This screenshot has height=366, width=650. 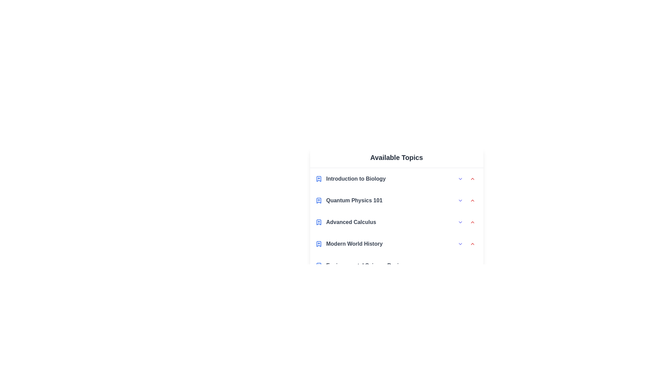 I want to click on the expand arrow for the topic Quantum Physics 101, so click(x=460, y=200).